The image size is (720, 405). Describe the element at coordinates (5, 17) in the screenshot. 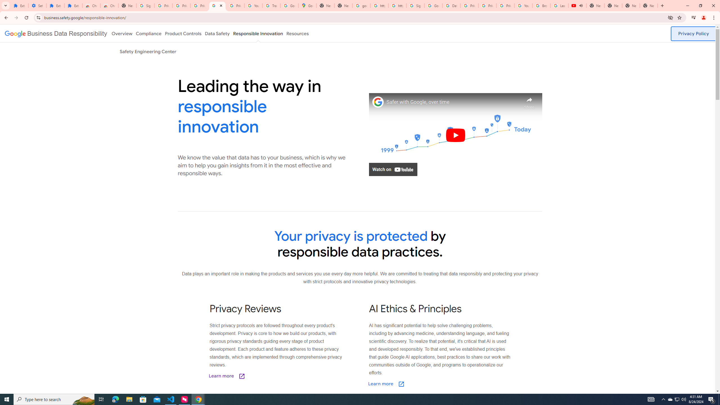

I see `'Back'` at that location.